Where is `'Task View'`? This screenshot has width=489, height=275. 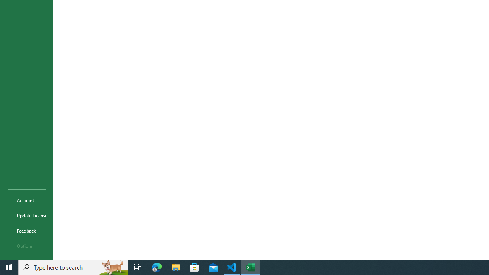
'Task View' is located at coordinates (137, 267).